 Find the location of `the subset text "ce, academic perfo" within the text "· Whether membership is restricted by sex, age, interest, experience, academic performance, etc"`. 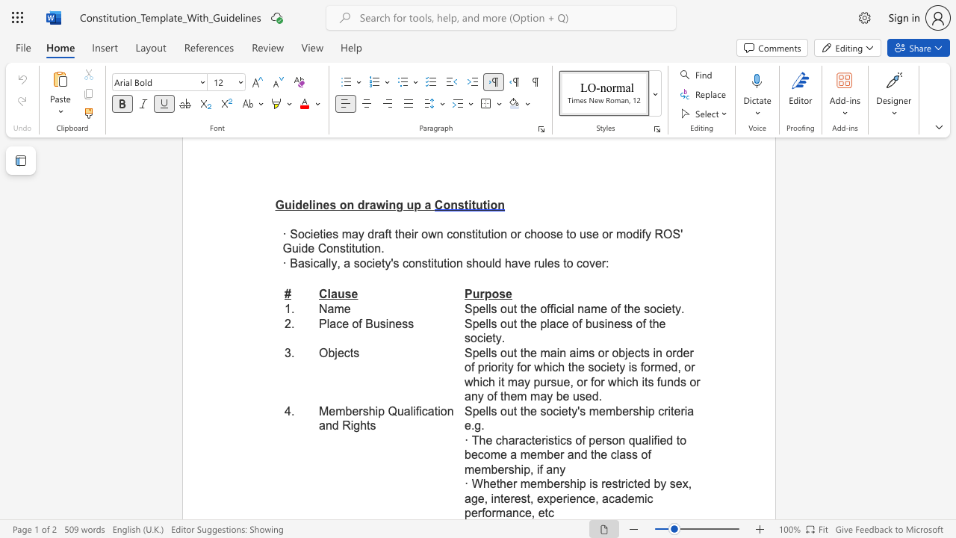

the subset text "ce, academic perfo" within the text "· Whether membership is restricted by sex, age, interest, experience, academic performance, etc" is located at coordinates (582, 498).